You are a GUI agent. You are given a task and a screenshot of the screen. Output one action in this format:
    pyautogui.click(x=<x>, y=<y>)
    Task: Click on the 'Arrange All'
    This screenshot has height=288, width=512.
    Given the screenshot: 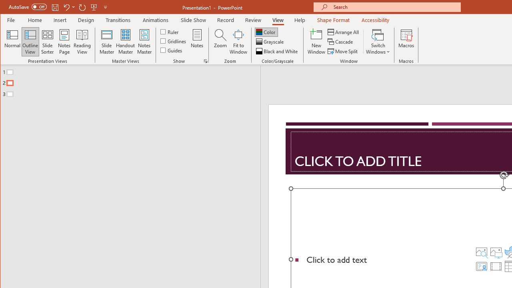 What is the action you would take?
    pyautogui.click(x=344, y=32)
    